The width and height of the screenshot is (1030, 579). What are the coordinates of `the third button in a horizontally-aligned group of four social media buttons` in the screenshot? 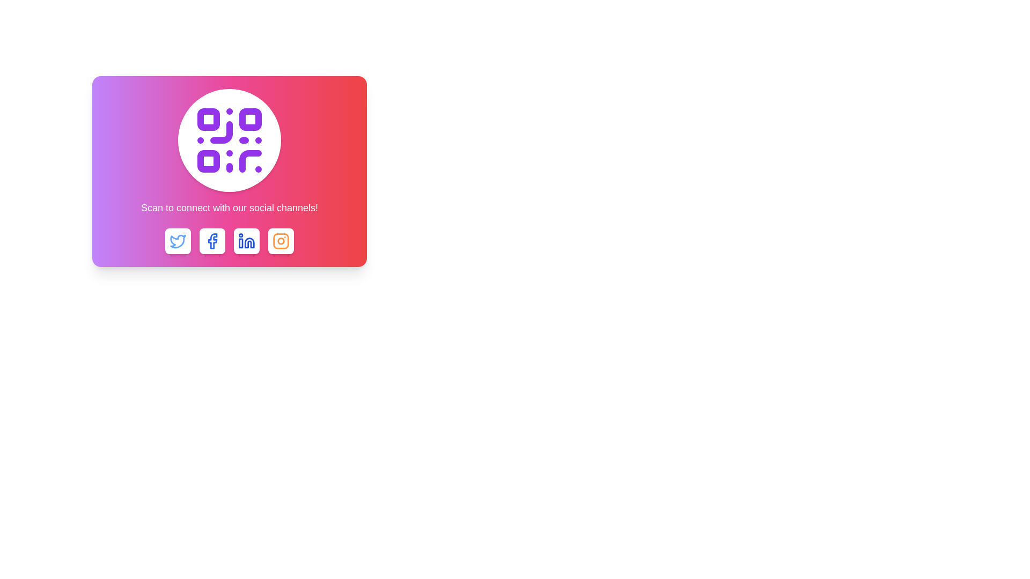 It's located at (229, 241).